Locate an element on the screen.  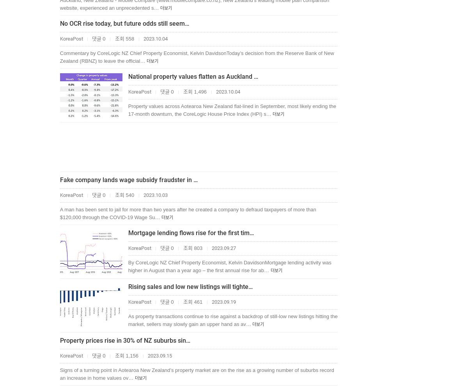
'Property prices rise in 30% of NZ suburbs sin…' is located at coordinates (125, 340).